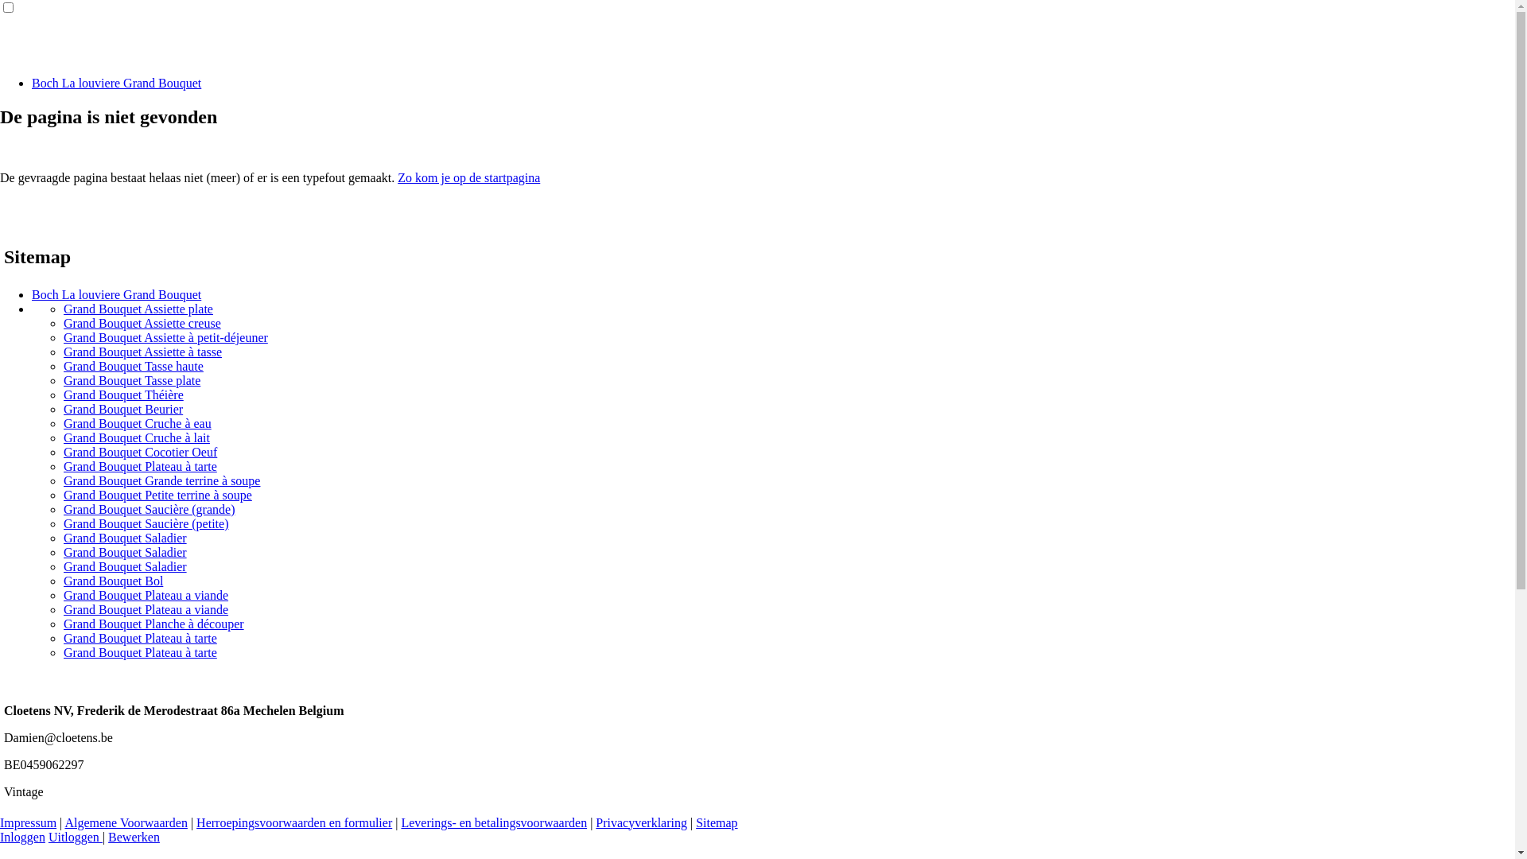 The height and width of the screenshot is (859, 1527). I want to click on 'Sitemap', so click(716, 822).